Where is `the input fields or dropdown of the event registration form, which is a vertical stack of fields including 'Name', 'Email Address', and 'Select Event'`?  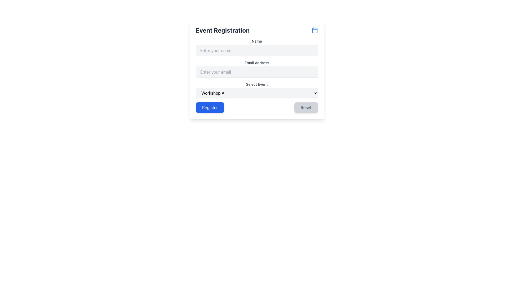
the input fields or dropdown of the event registration form, which is a vertical stack of fields including 'Name', 'Email Address', and 'Select Event' is located at coordinates (257, 76).